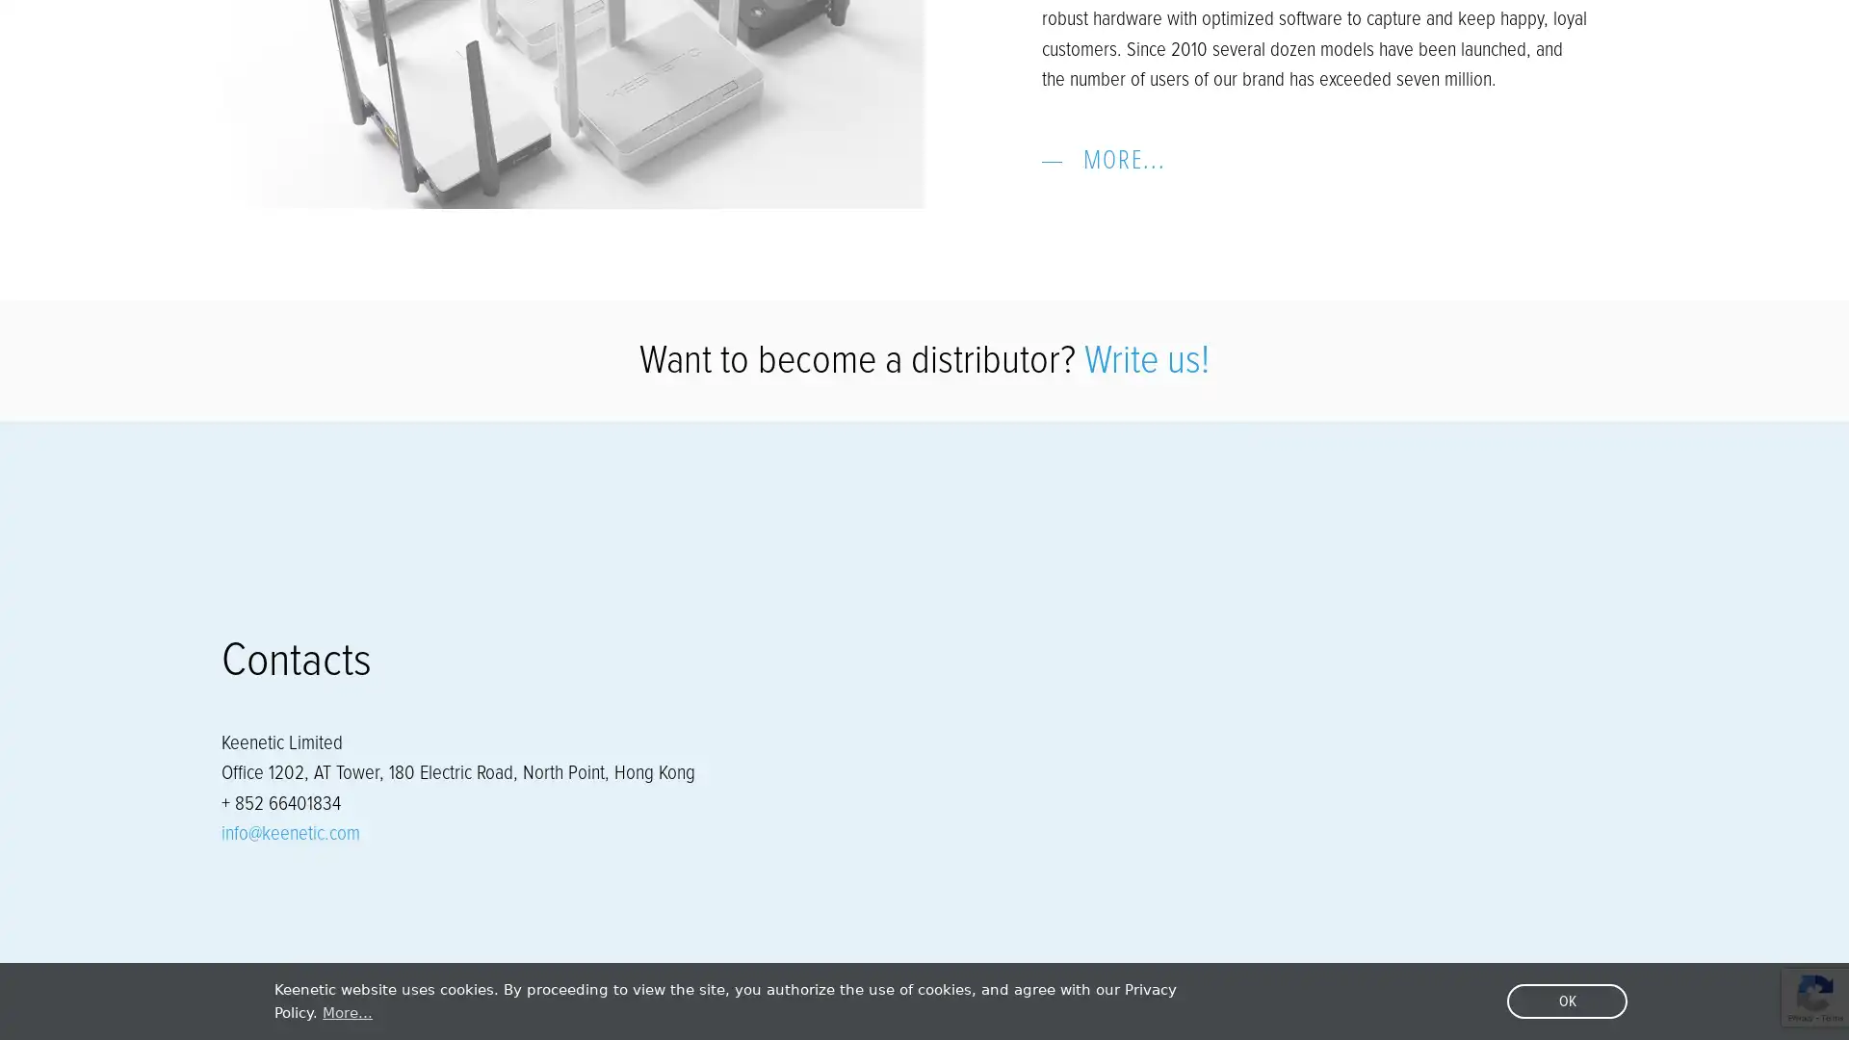 The height and width of the screenshot is (1040, 1849). I want to click on learn more about cookies, so click(347, 1012).